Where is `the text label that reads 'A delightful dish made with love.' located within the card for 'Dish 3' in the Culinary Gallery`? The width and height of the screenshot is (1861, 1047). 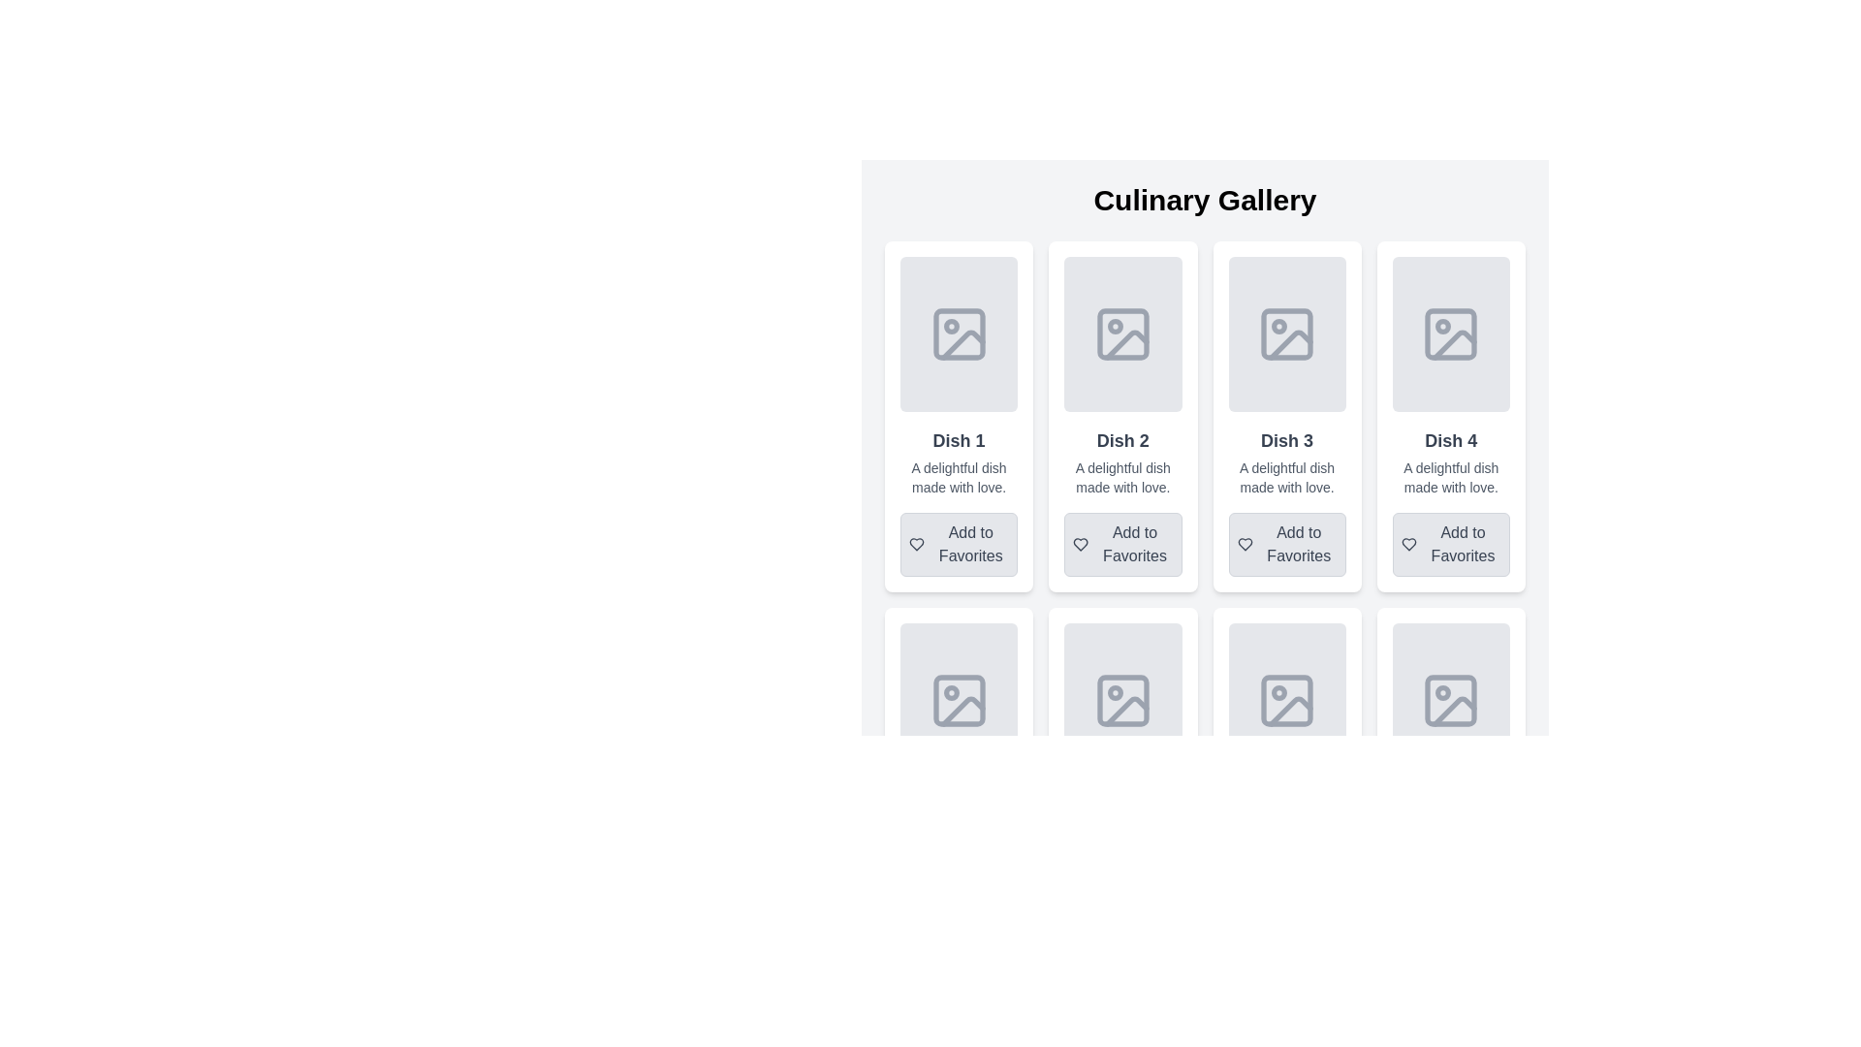 the text label that reads 'A delightful dish made with love.' located within the card for 'Dish 3' in the Culinary Gallery is located at coordinates (1287, 478).